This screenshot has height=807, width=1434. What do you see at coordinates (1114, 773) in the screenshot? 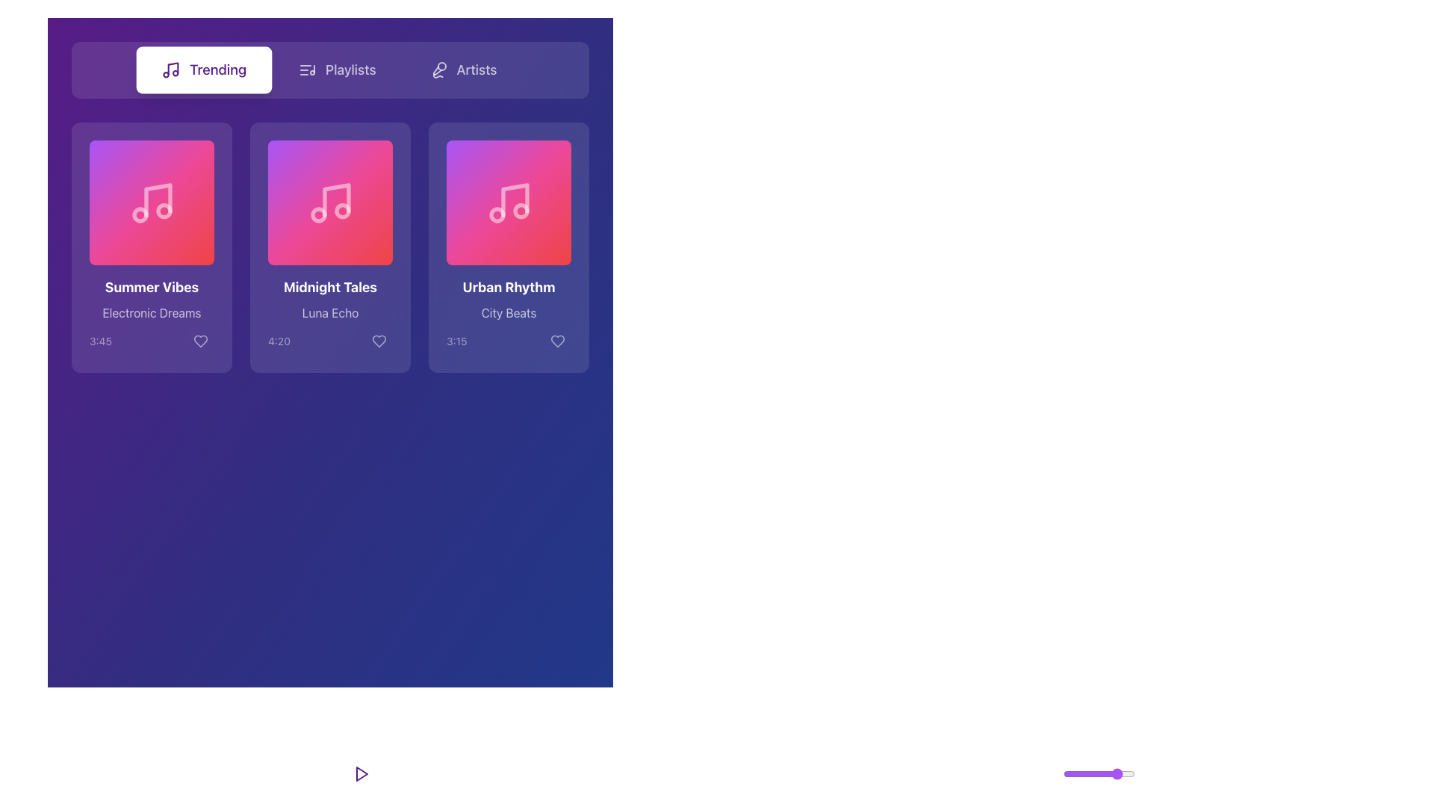
I see `the slider` at bounding box center [1114, 773].